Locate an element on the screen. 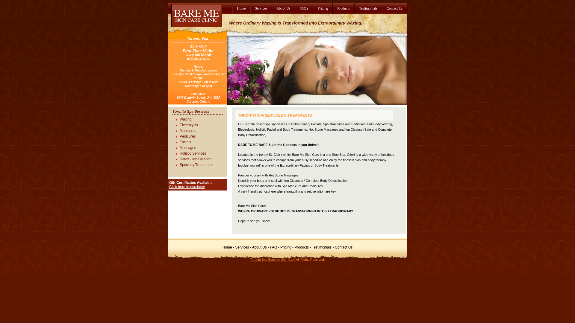 Image resolution: width=575 pixels, height=323 pixels. 'About Us' is located at coordinates (283, 9).